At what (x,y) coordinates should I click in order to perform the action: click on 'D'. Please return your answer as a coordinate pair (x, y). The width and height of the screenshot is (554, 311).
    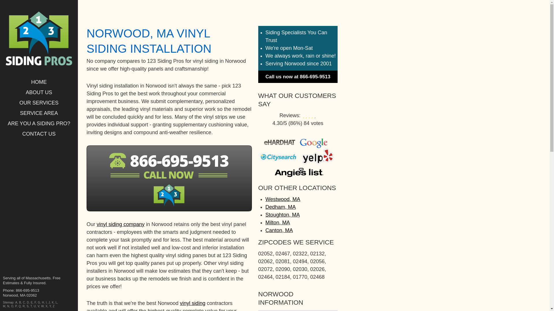
    Looking at the image, I should click on (27, 302).